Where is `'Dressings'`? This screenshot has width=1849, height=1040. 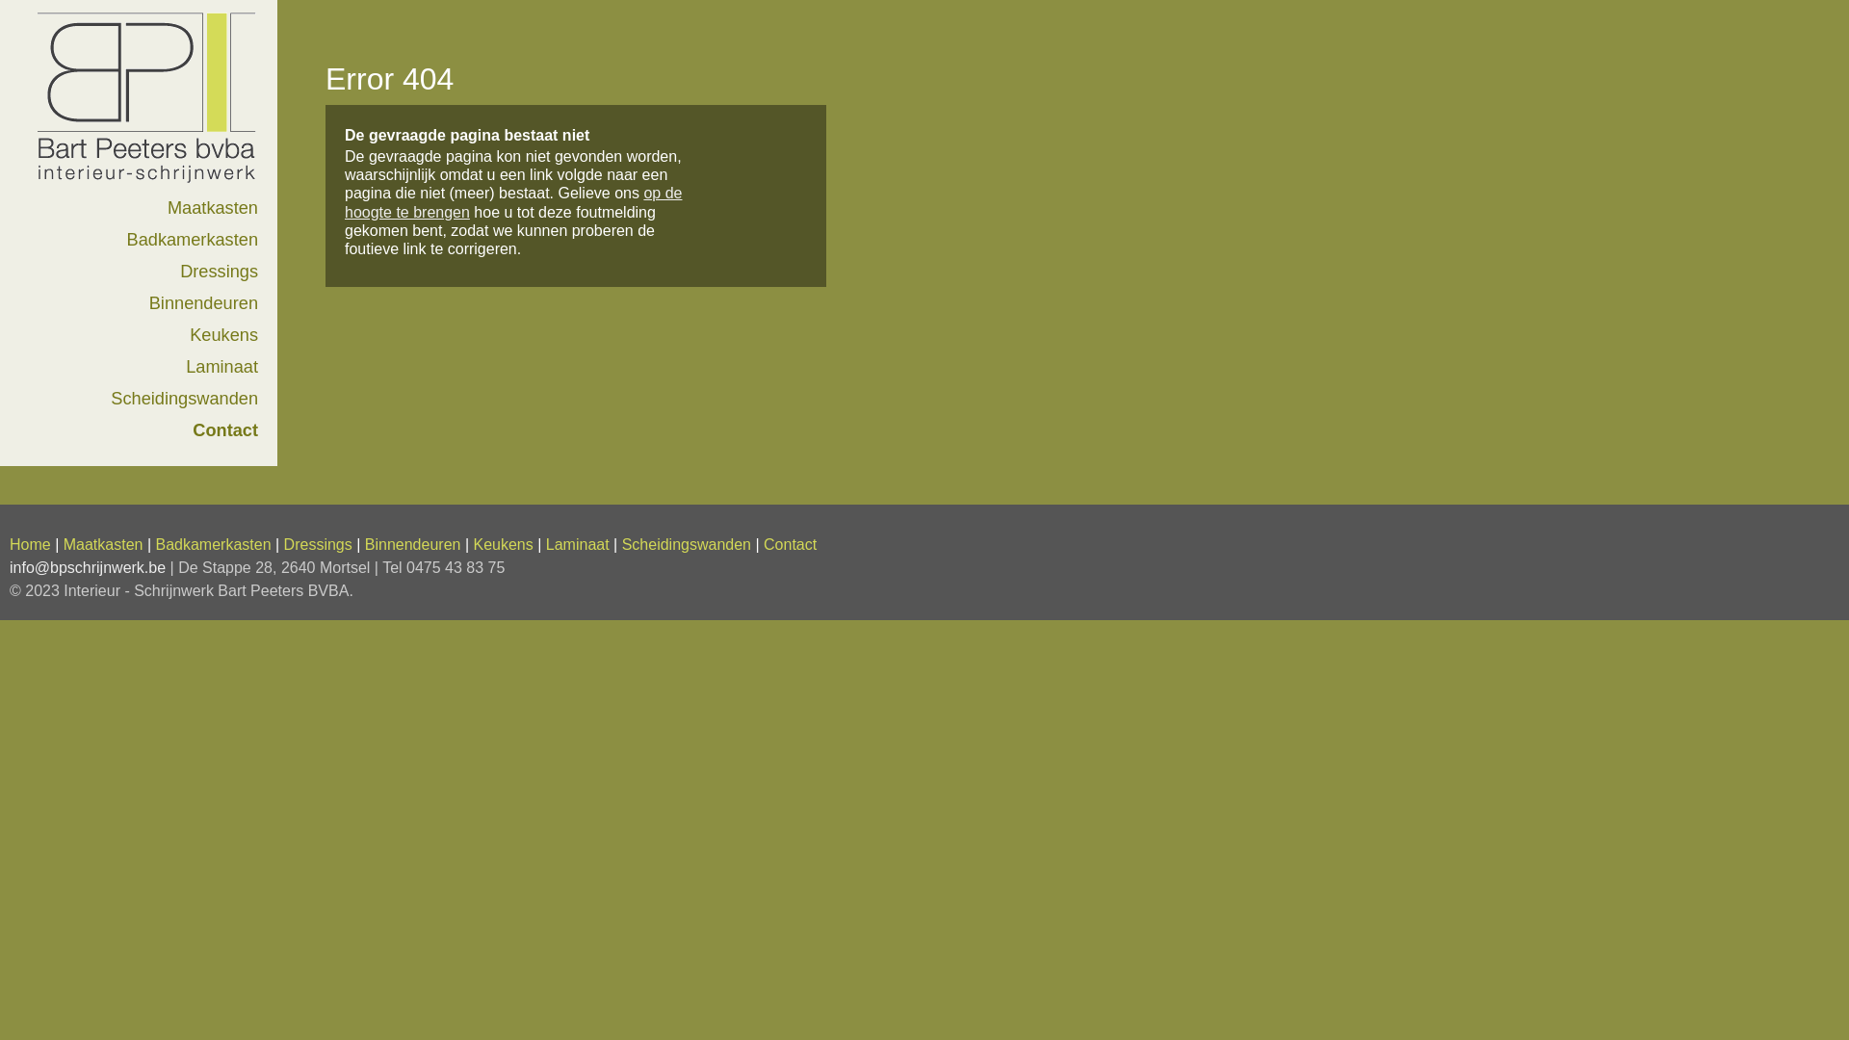 'Dressings' is located at coordinates (318, 544).